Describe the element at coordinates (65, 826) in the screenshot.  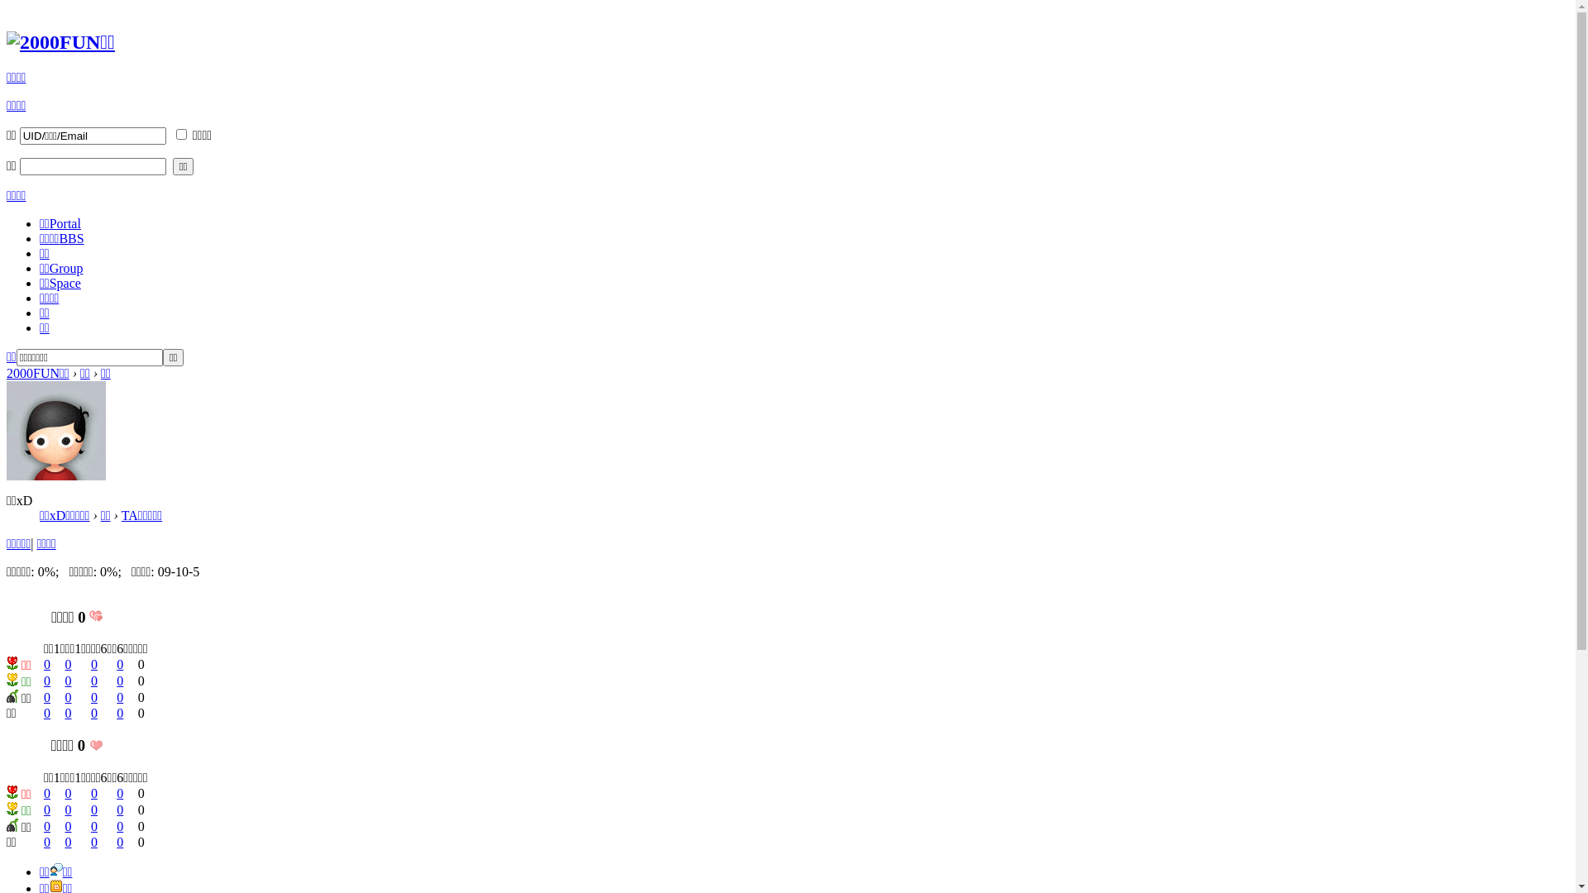
I see `'0'` at that location.